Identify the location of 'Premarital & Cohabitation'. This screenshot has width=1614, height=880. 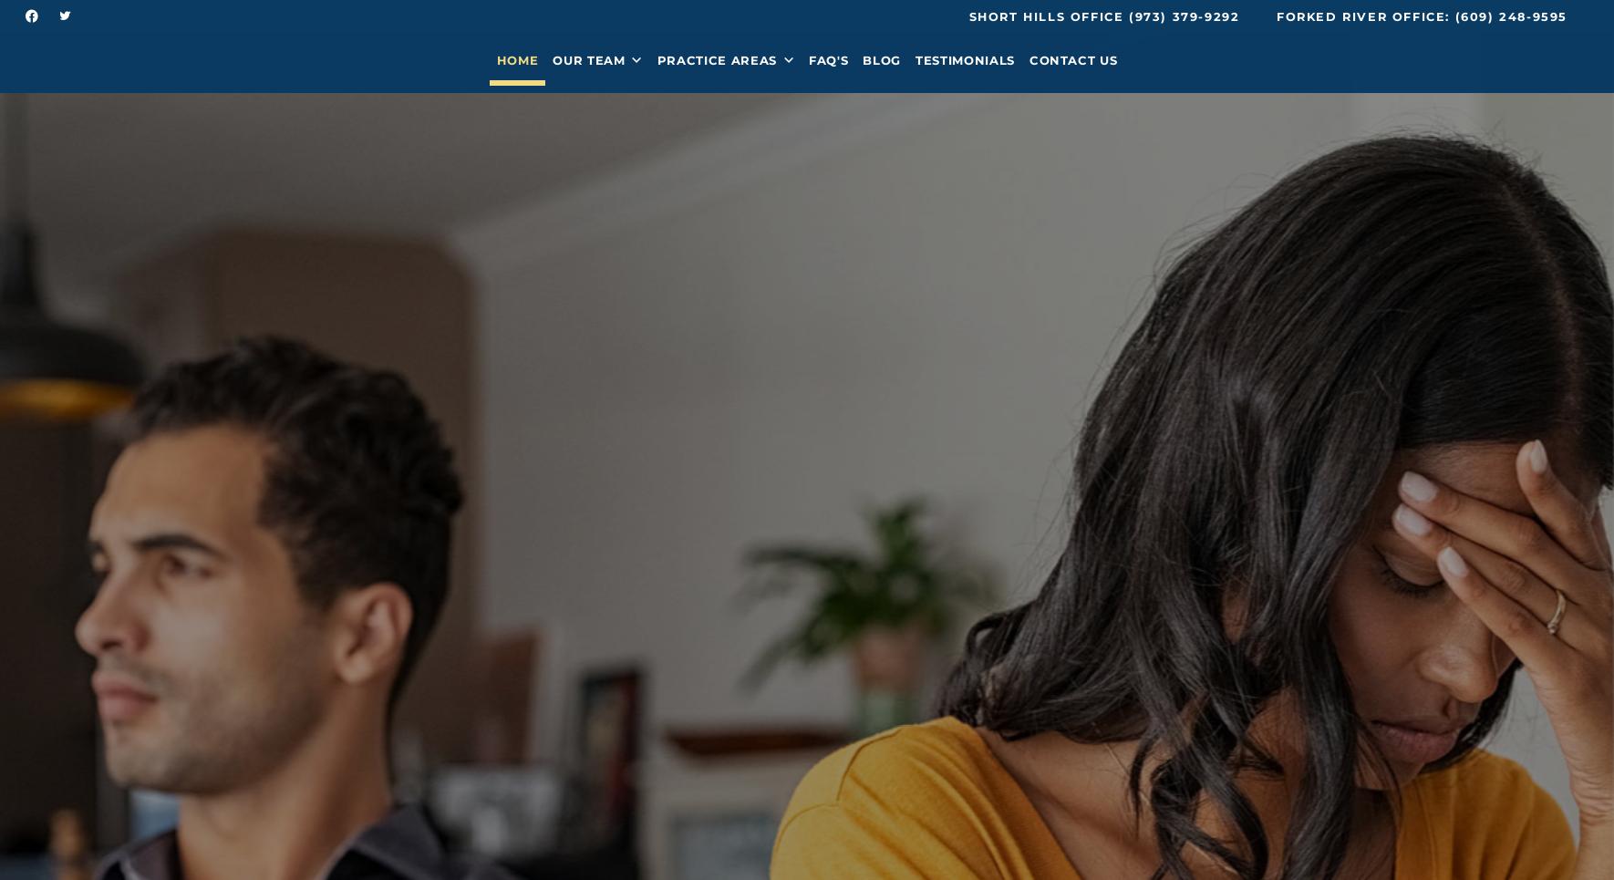
(641, 215).